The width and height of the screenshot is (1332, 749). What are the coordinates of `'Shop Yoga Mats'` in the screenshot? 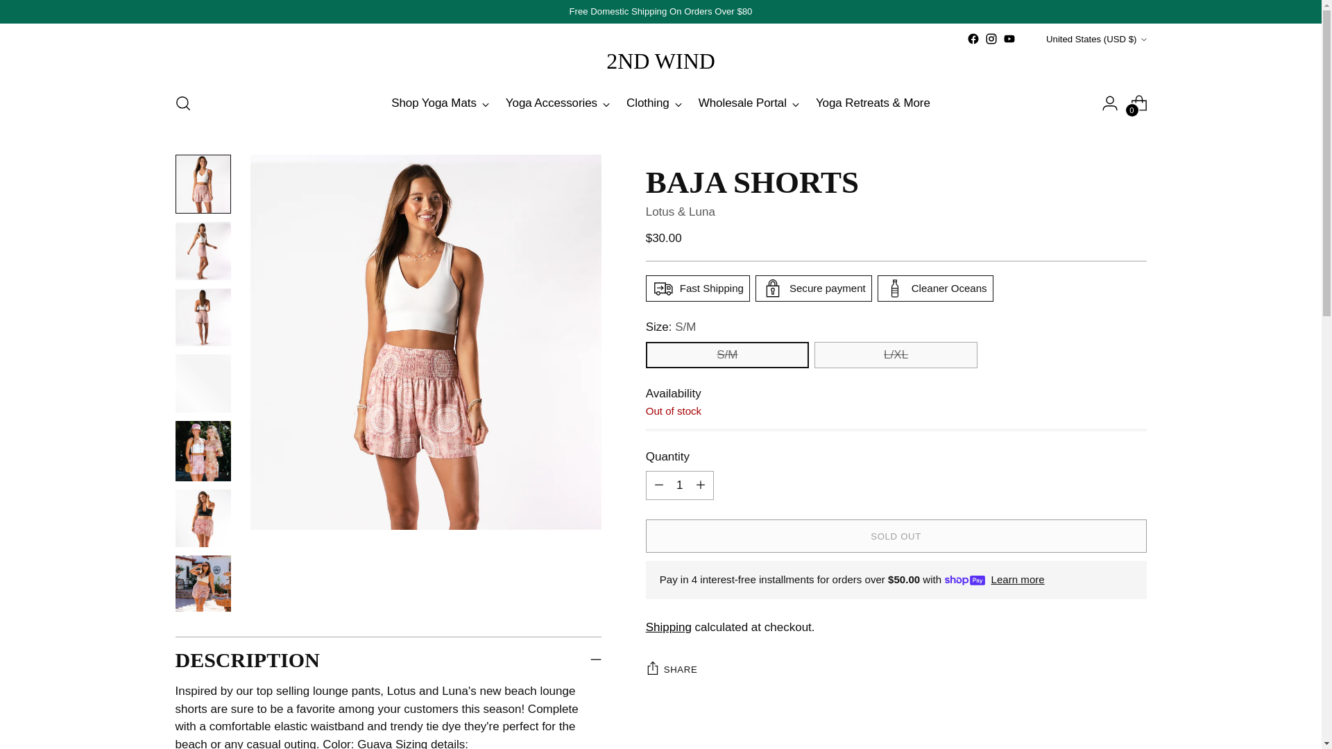 It's located at (439, 103).